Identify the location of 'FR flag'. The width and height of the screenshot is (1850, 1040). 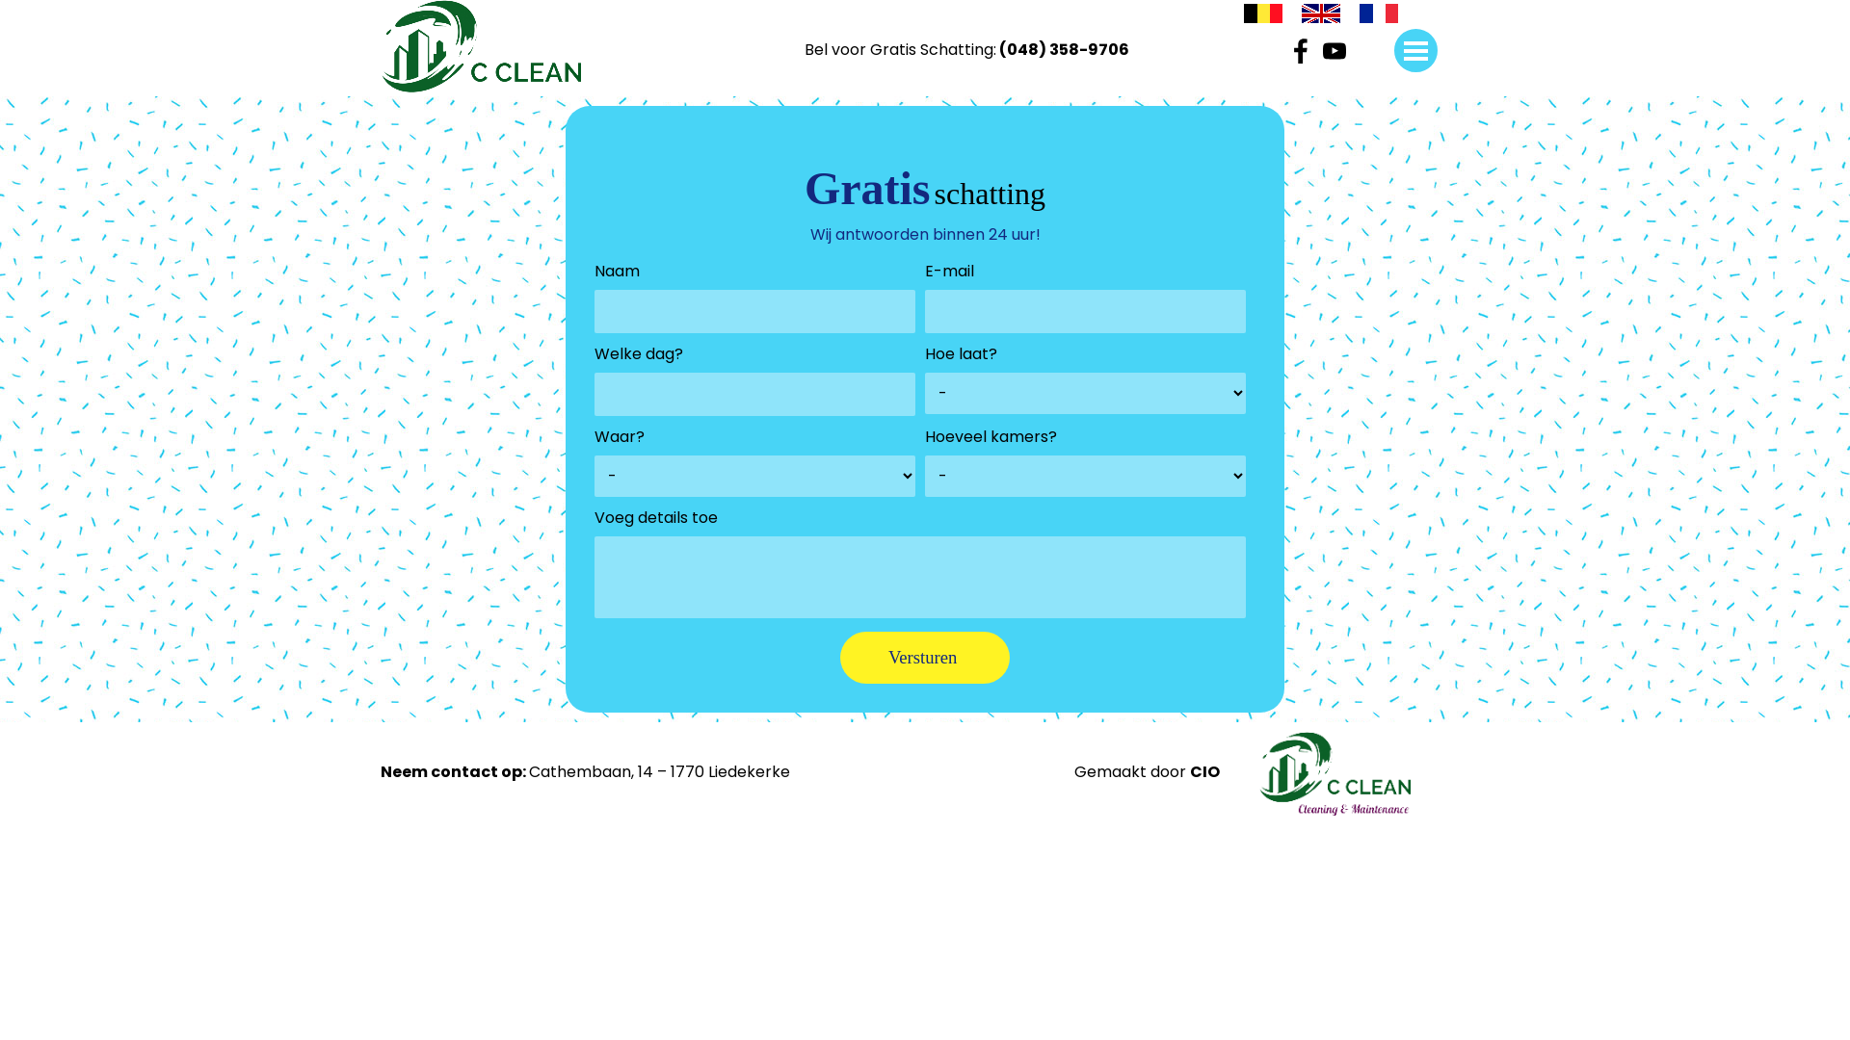
(1359, 16).